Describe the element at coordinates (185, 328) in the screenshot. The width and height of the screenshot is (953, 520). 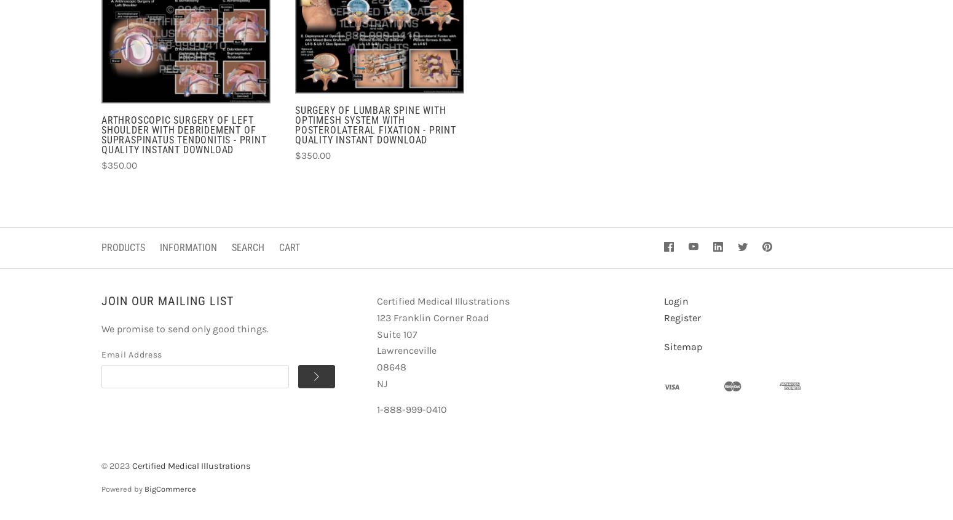
I see `'We promise to send only good things.'` at that location.